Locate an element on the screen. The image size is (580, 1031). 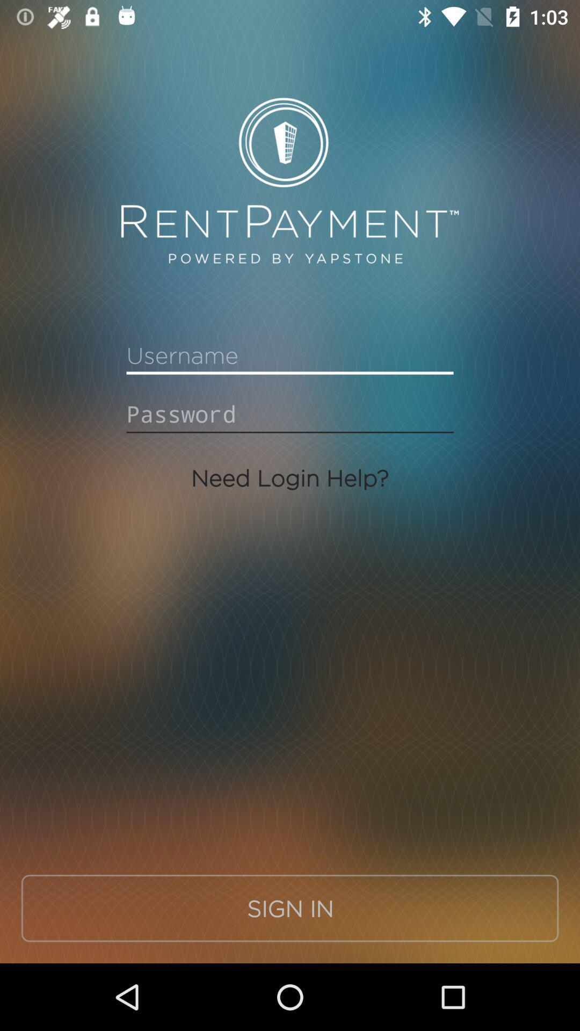
password is located at coordinates (290, 413).